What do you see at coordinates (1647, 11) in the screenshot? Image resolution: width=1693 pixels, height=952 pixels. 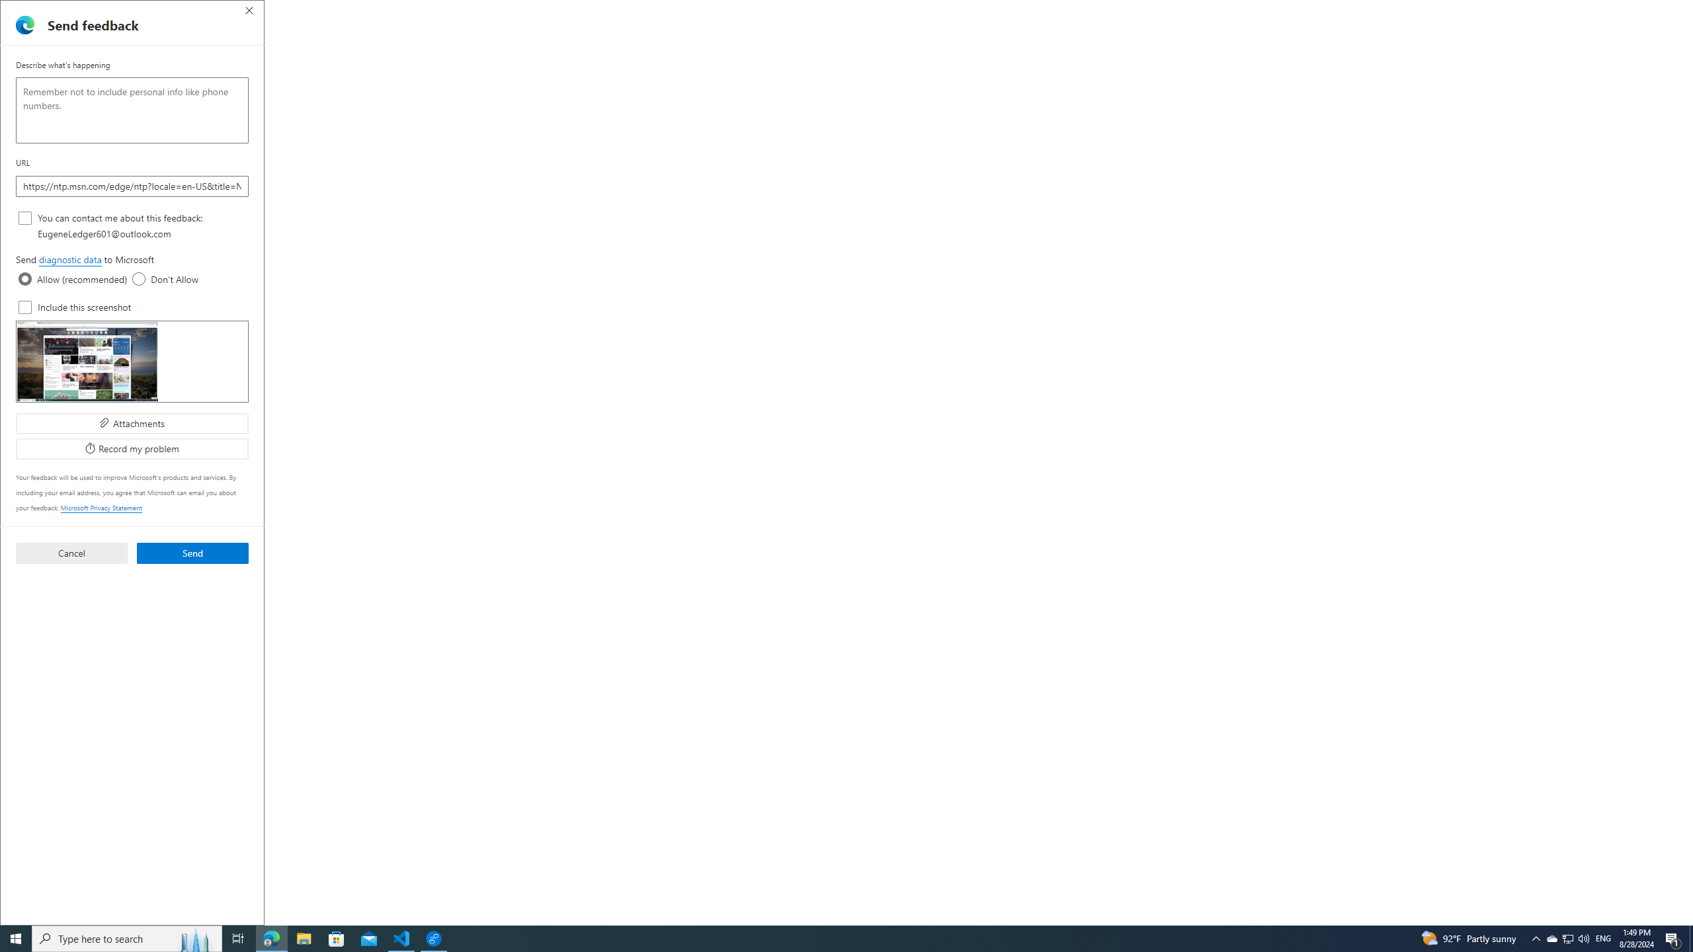 I see `'Restore'` at bounding box center [1647, 11].